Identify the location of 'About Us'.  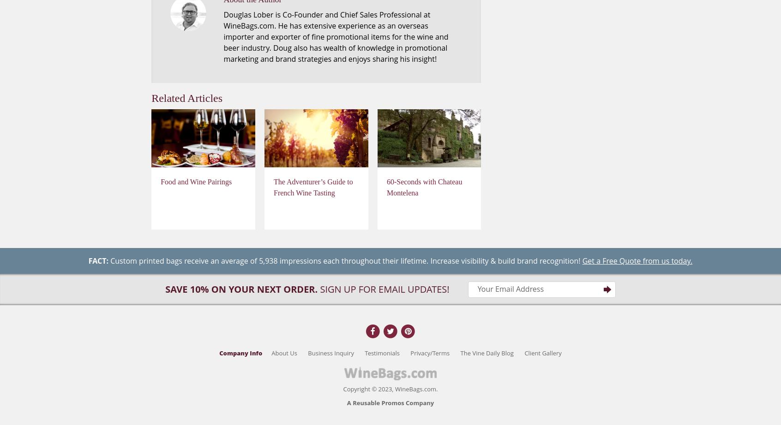
(283, 352).